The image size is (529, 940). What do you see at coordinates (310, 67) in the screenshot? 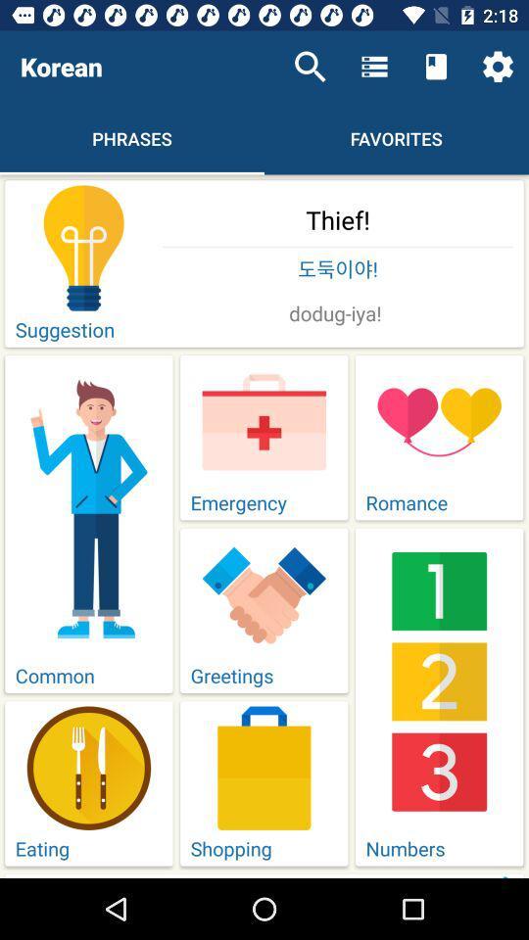
I see `item to the right of the korean item` at bounding box center [310, 67].